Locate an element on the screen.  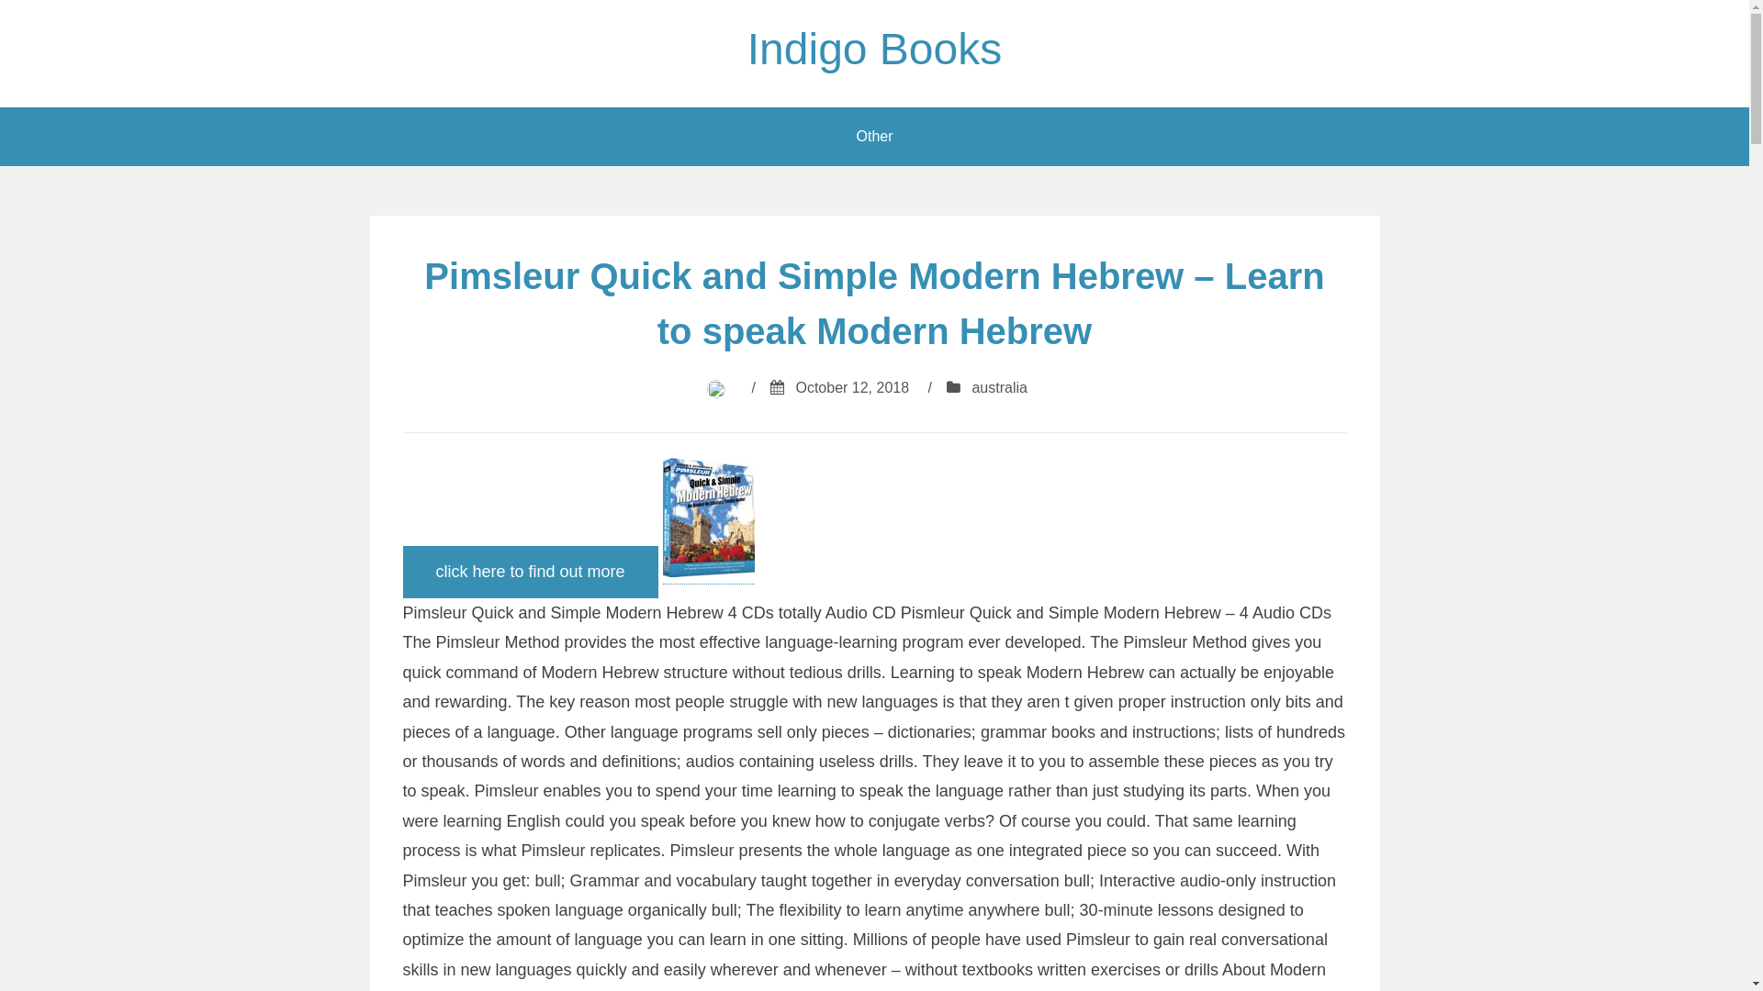
'Other' is located at coordinates (872, 136).